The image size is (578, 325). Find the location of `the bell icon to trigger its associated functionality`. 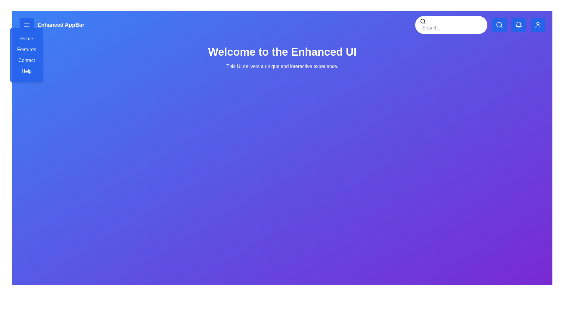

the bell icon to trigger its associated functionality is located at coordinates (518, 25).